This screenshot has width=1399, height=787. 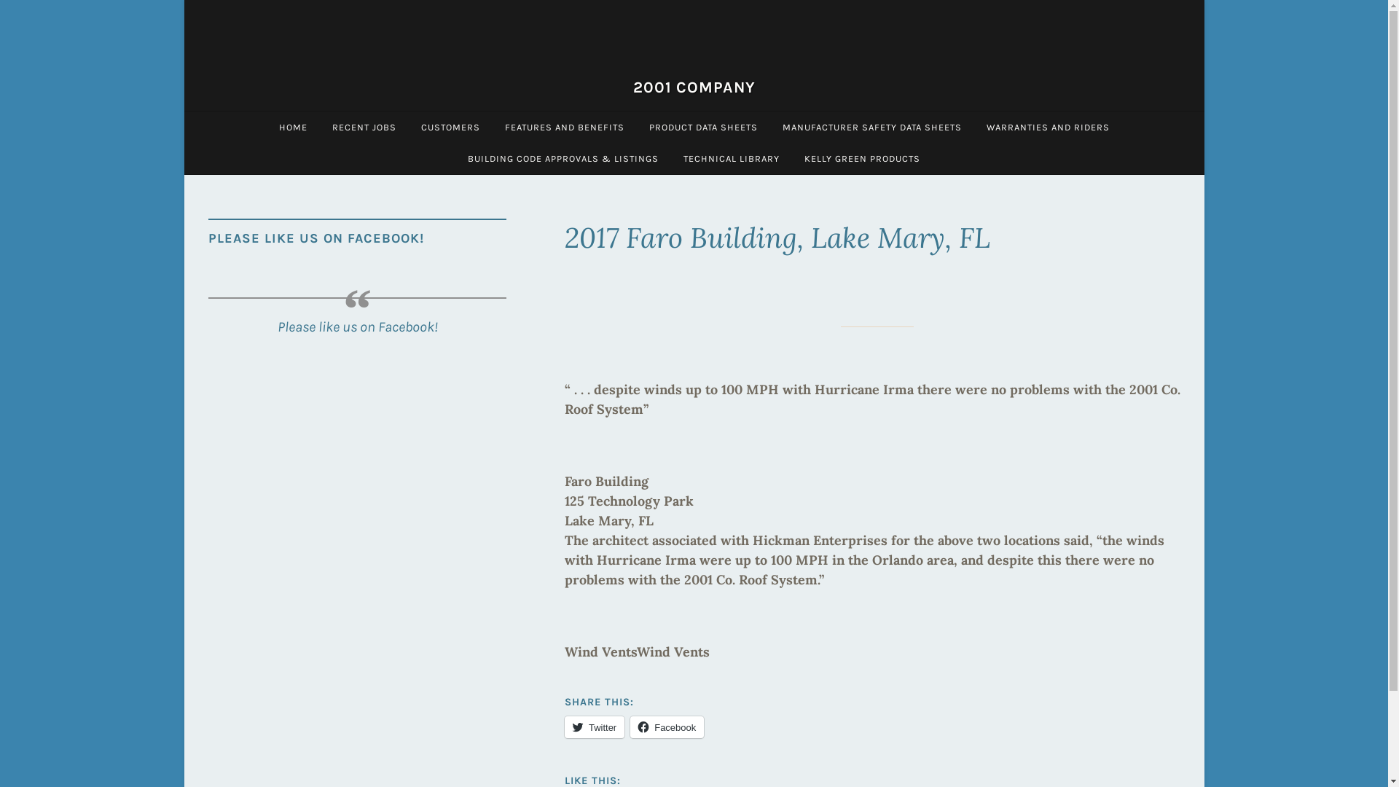 I want to click on 'PRODUCT DATA SHEETS', so click(x=703, y=126).